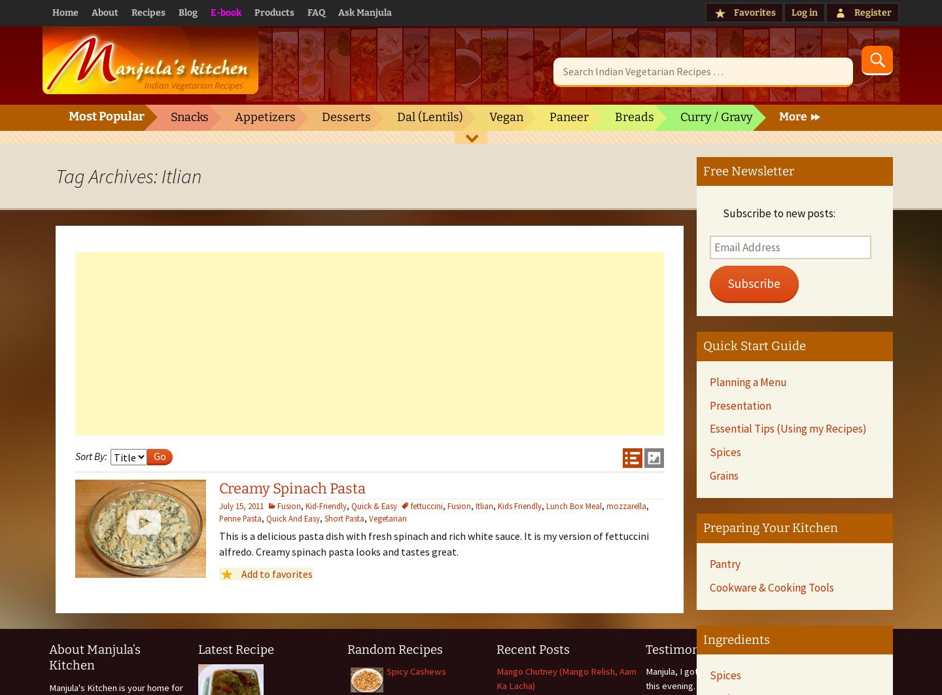  Describe the element at coordinates (483, 505) in the screenshot. I see `'Itlian'` at that location.